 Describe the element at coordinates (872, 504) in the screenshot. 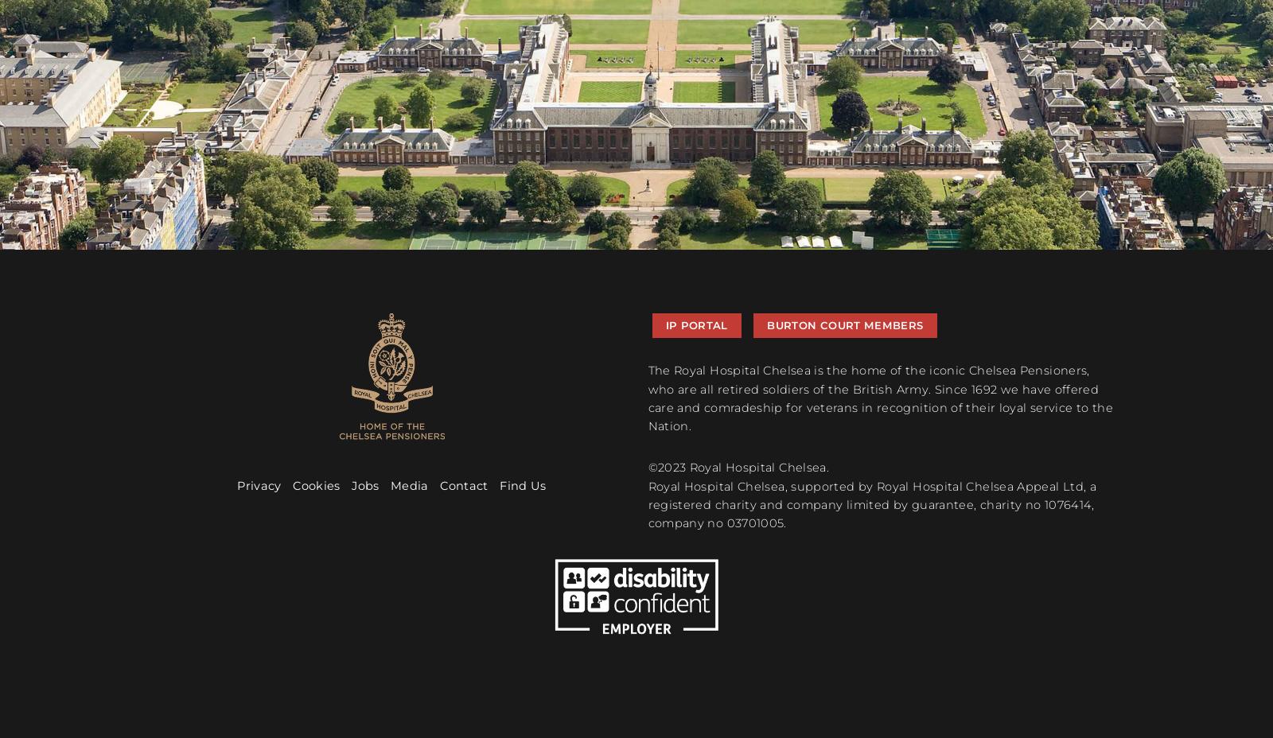

I see `'Royal Hospital Chelsea, supported by Royal Hospital Chelsea Appeal Ltd, a registered charity and company limited by guarantee, charity no 1076414, company no 03701005.'` at that location.